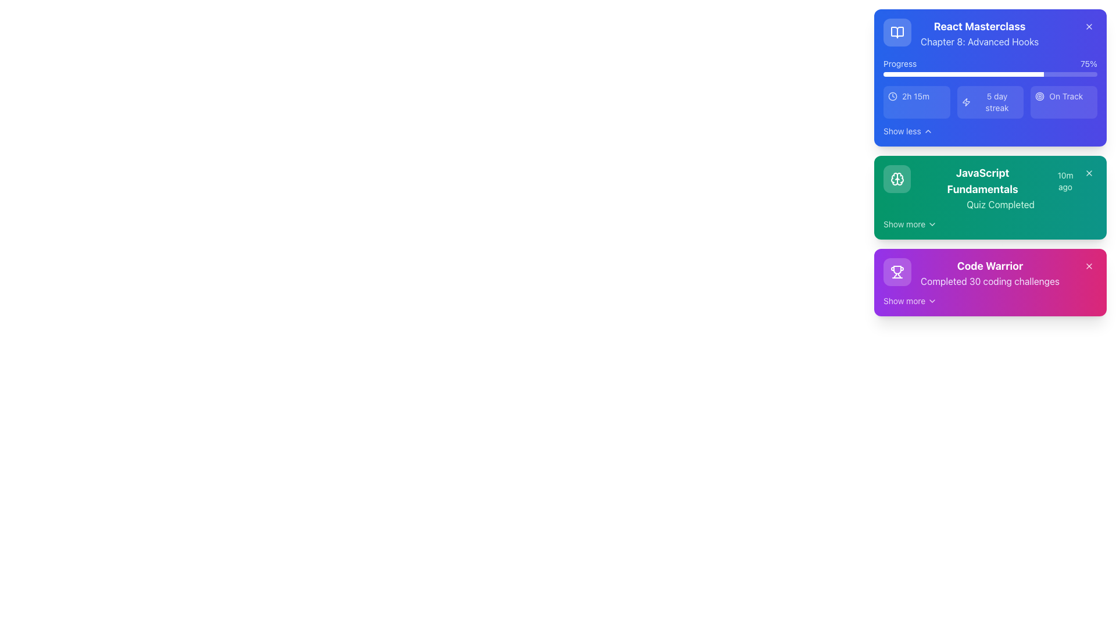  What do you see at coordinates (1088, 26) in the screenshot?
I see `the close icon located at the top right corner of the 'React Masterclass' card` at bounding box center [1088, 26].